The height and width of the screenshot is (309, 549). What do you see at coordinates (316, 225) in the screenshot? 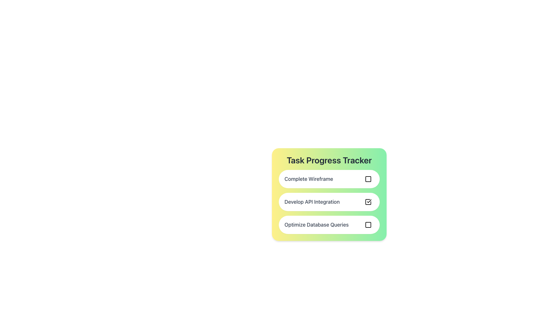
I see `the text label displaying 'Optimize Database Queries' which is located within the third task item of the 'Task Progress Tracker' panel` at bounding box center [316, 225].